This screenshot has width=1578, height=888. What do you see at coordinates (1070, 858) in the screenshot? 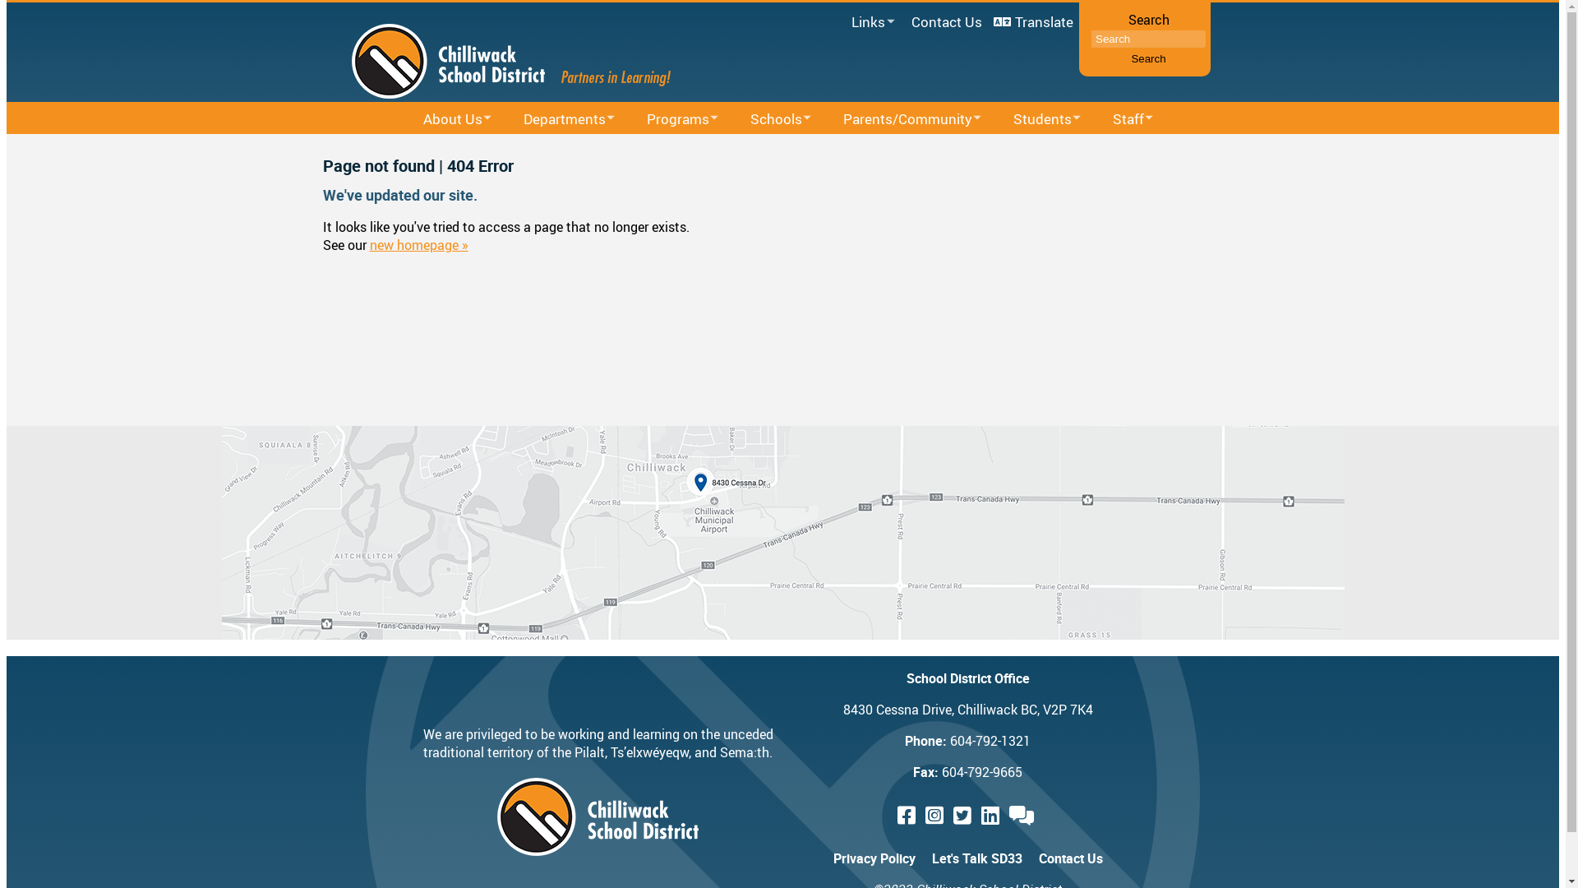
I see `'Contact Us'` at bounding box center [1070, 858].